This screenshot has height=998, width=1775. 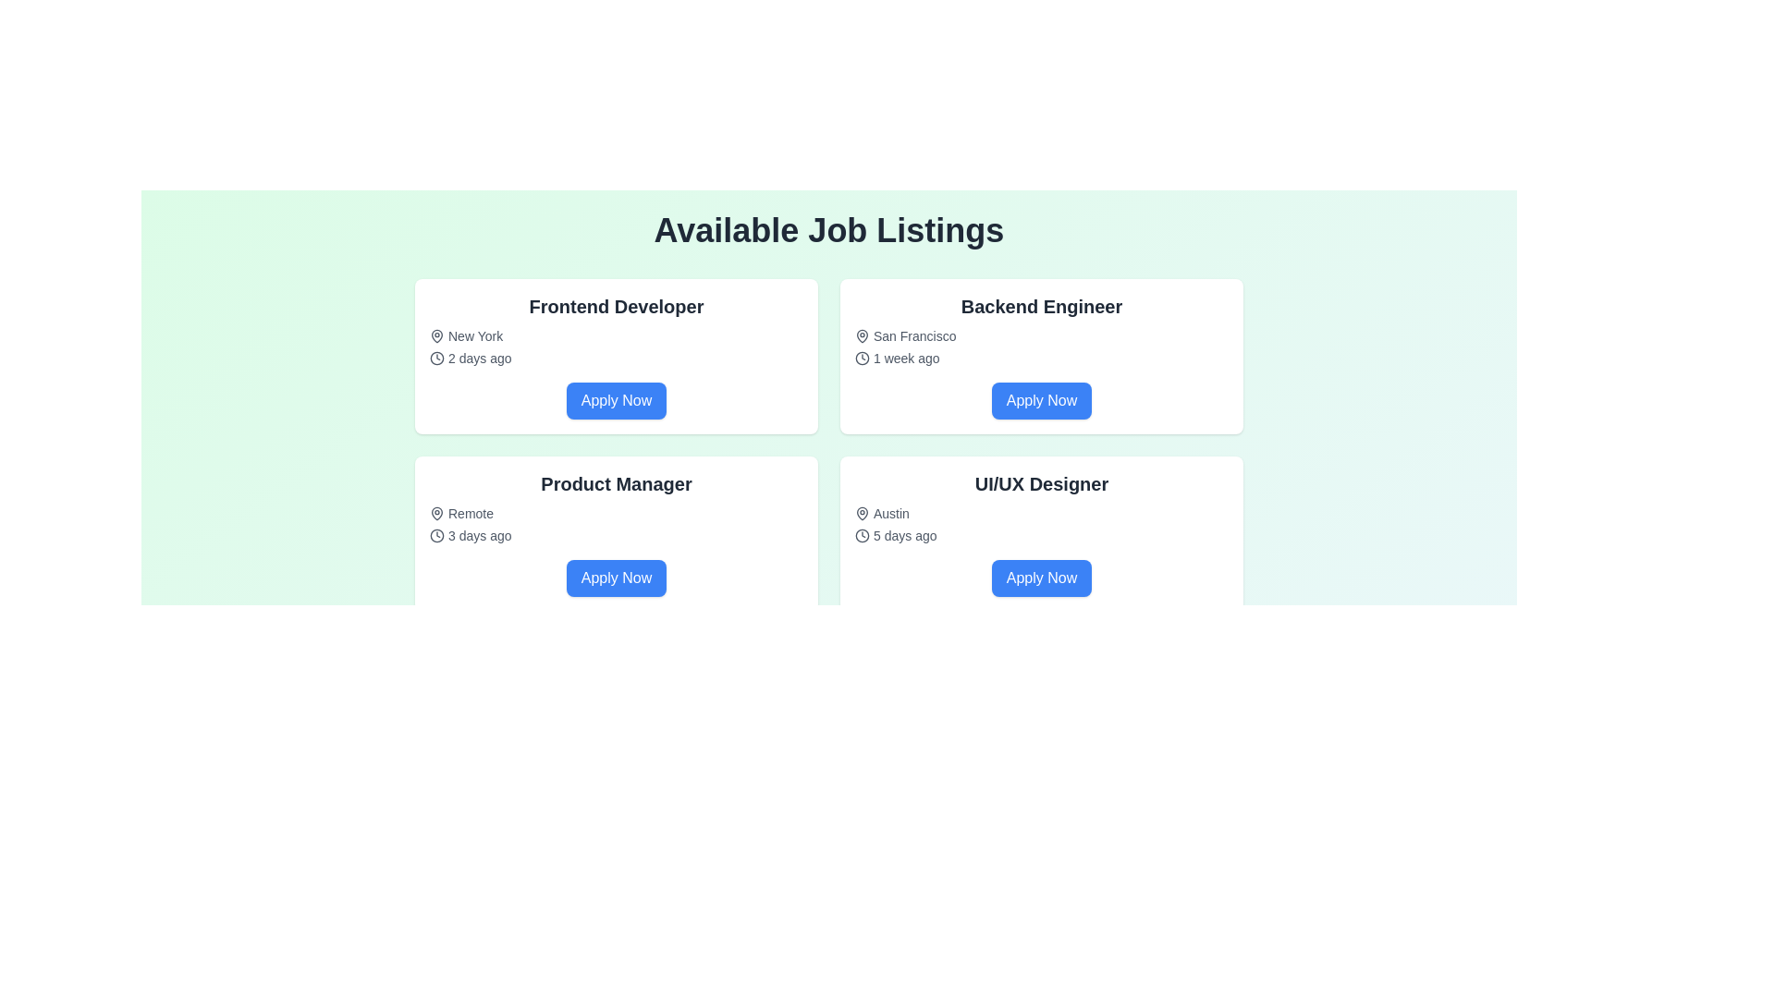 What do you see at coordinates (1042, 305) in the screenshot?
I see `the static text label displaying the job title in the upper-right job listing card of the 2x2 grid layout` at bounding box center [1042, 305].